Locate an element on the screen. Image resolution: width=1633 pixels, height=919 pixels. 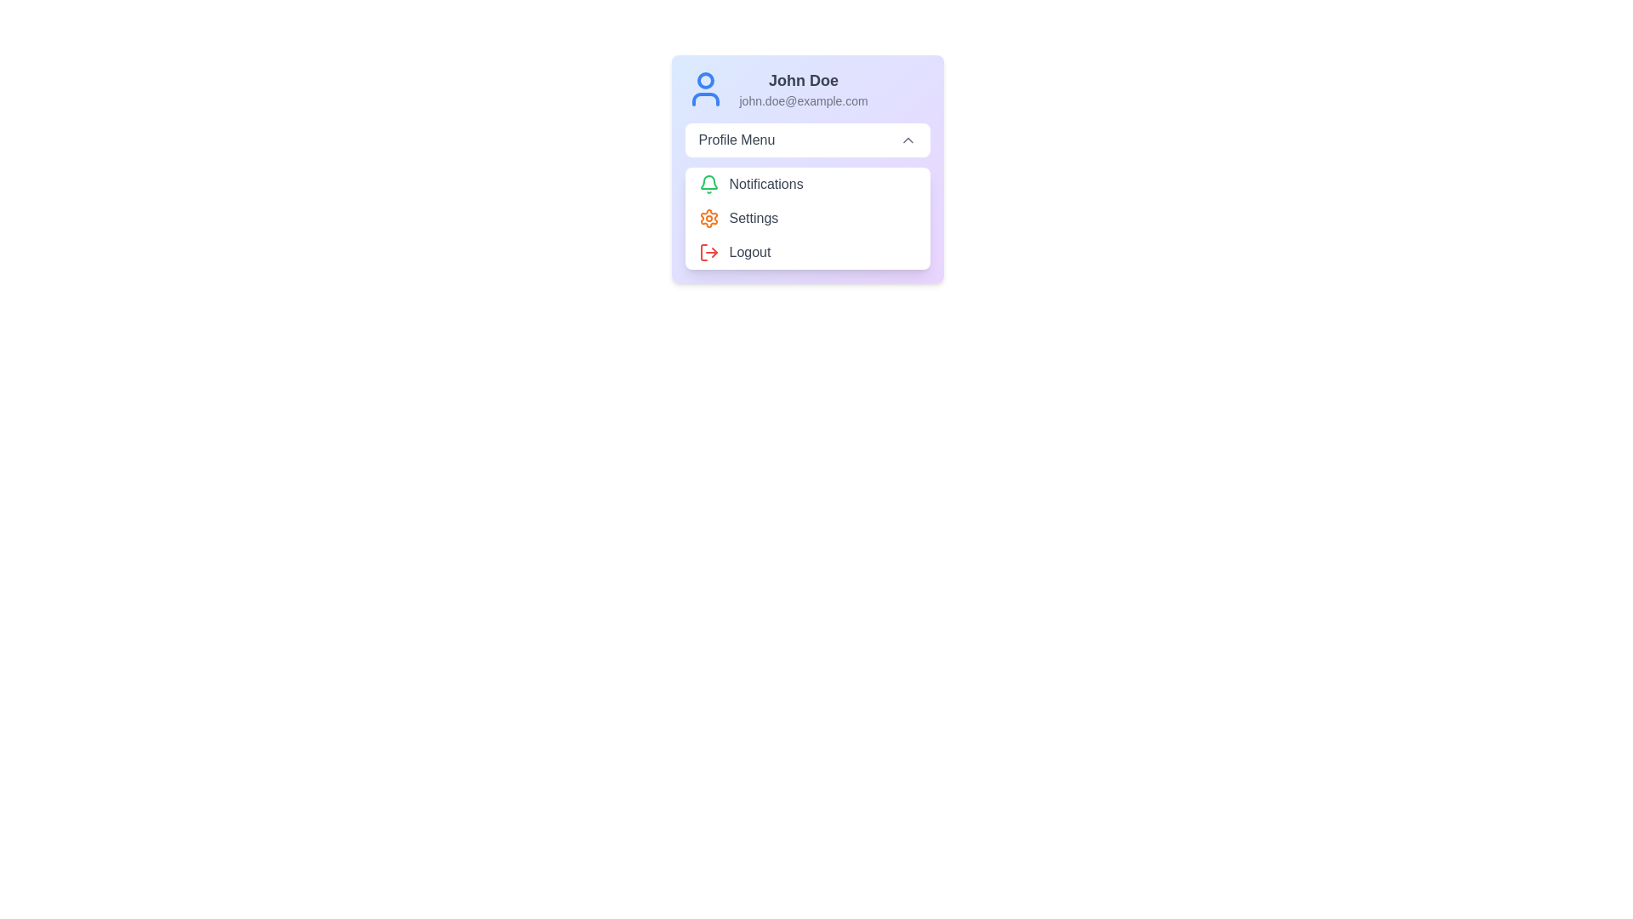
the green bell-shaped icon located next to the text 'Notifications' in the dropdown menu under the user's profile section is located at coordinates (708, 184).